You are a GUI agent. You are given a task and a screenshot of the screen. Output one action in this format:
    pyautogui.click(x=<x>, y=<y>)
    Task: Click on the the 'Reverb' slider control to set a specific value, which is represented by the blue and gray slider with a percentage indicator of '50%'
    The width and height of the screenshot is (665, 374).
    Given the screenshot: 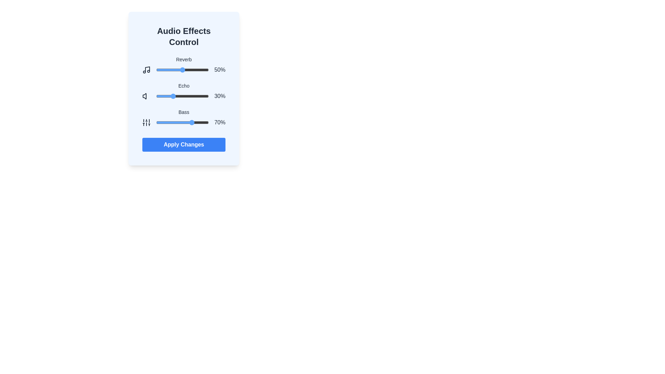 What is the action you would take?
    pyautogui.click(x=184, y=65)
    